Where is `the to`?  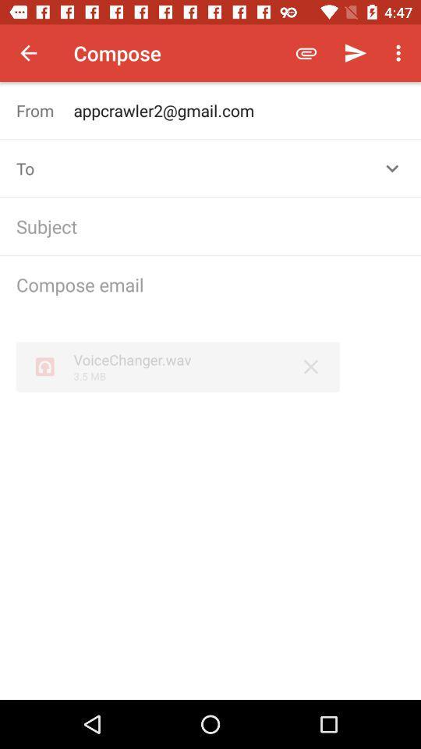
the to is located at coordinates (44, 169).